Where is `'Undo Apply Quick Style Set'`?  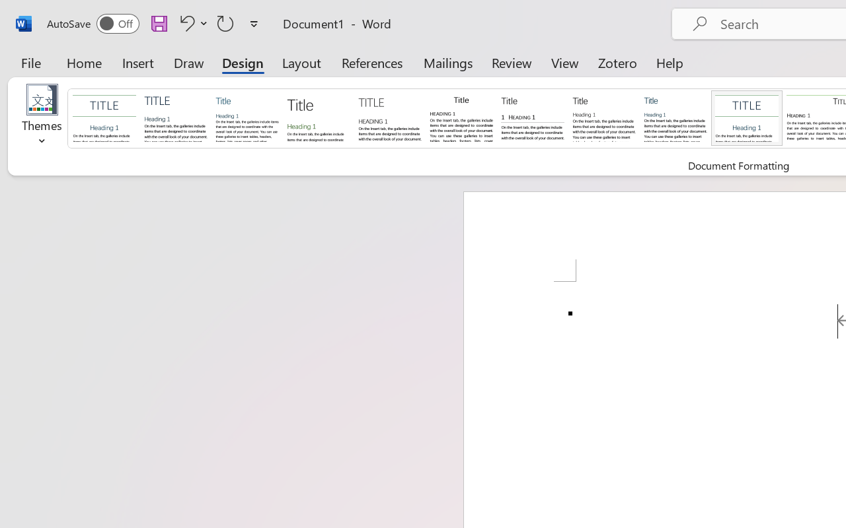
'Undo Apply Quick Style Set' is located at coordinates (184, 22).